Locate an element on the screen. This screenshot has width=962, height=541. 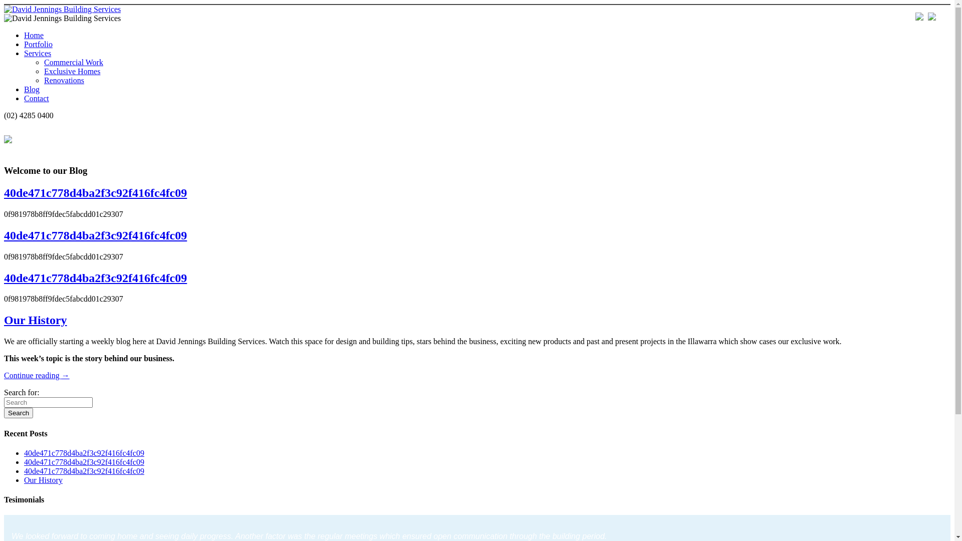
'40de471c778d4ba2f3c92f416fc4fc09' is located at coordinates (95, 278).